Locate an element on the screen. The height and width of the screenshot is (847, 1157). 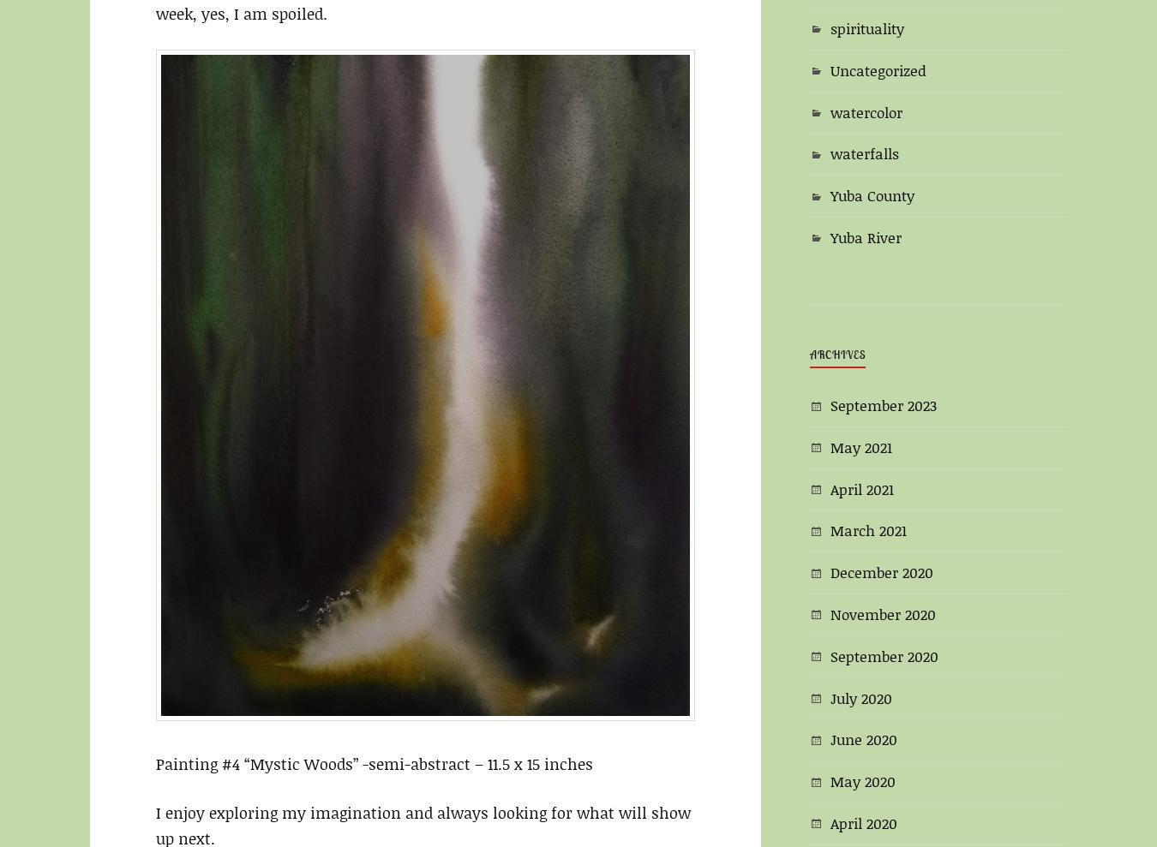
'spirituality' is located at coordinates (866, 27).